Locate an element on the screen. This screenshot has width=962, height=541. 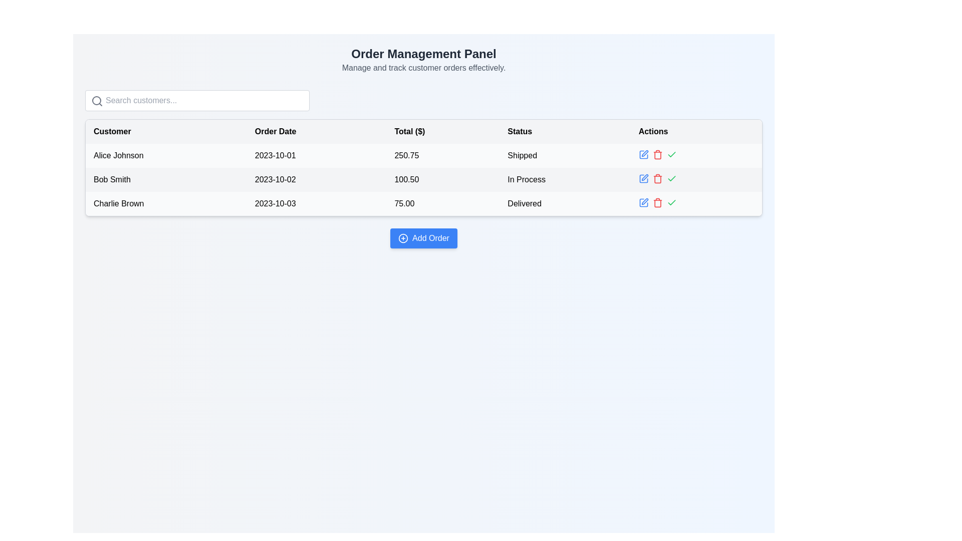
individual elements within the first row of the customer transaction data grid, which contains details such as the customer's name, transaction date, amount, and status is located at coordinates (423, 156).